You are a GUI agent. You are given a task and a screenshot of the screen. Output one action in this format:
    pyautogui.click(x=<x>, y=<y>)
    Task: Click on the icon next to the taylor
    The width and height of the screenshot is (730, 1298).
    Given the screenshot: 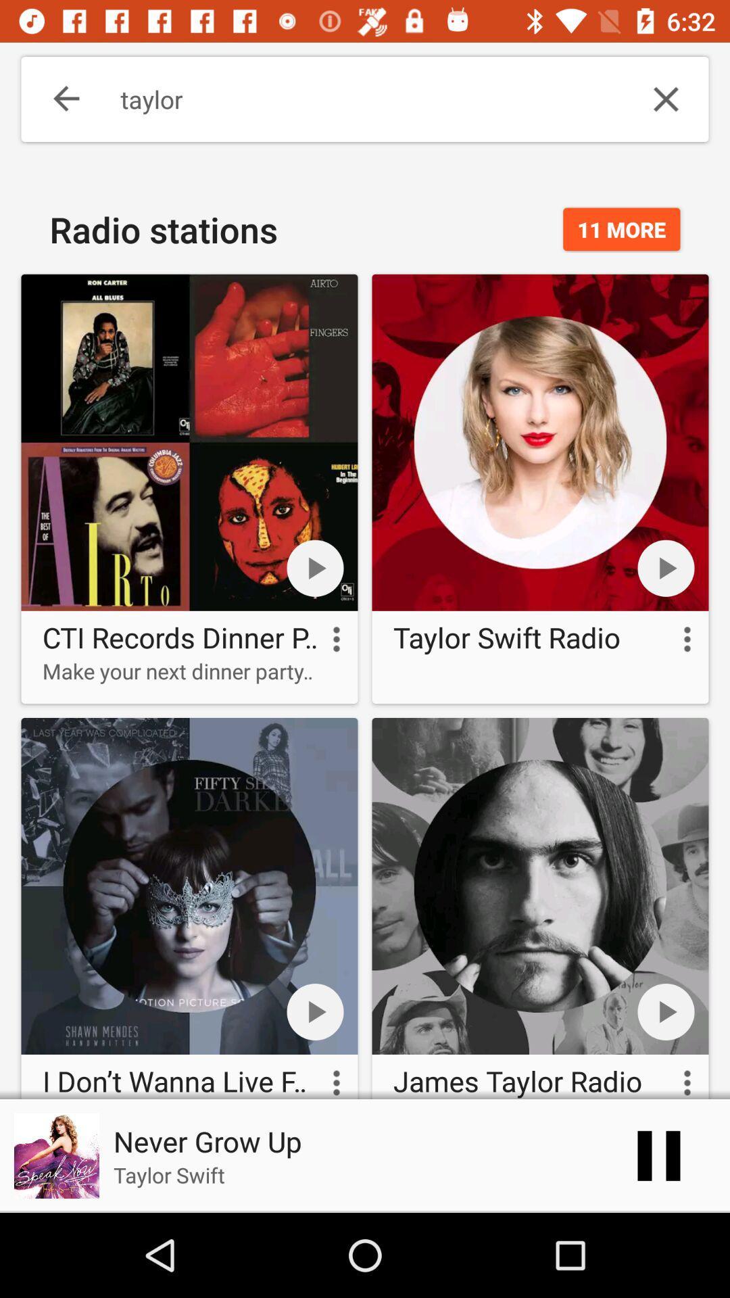 What is the action you would take?
    pyautogui.click(x=56, y=99)
    